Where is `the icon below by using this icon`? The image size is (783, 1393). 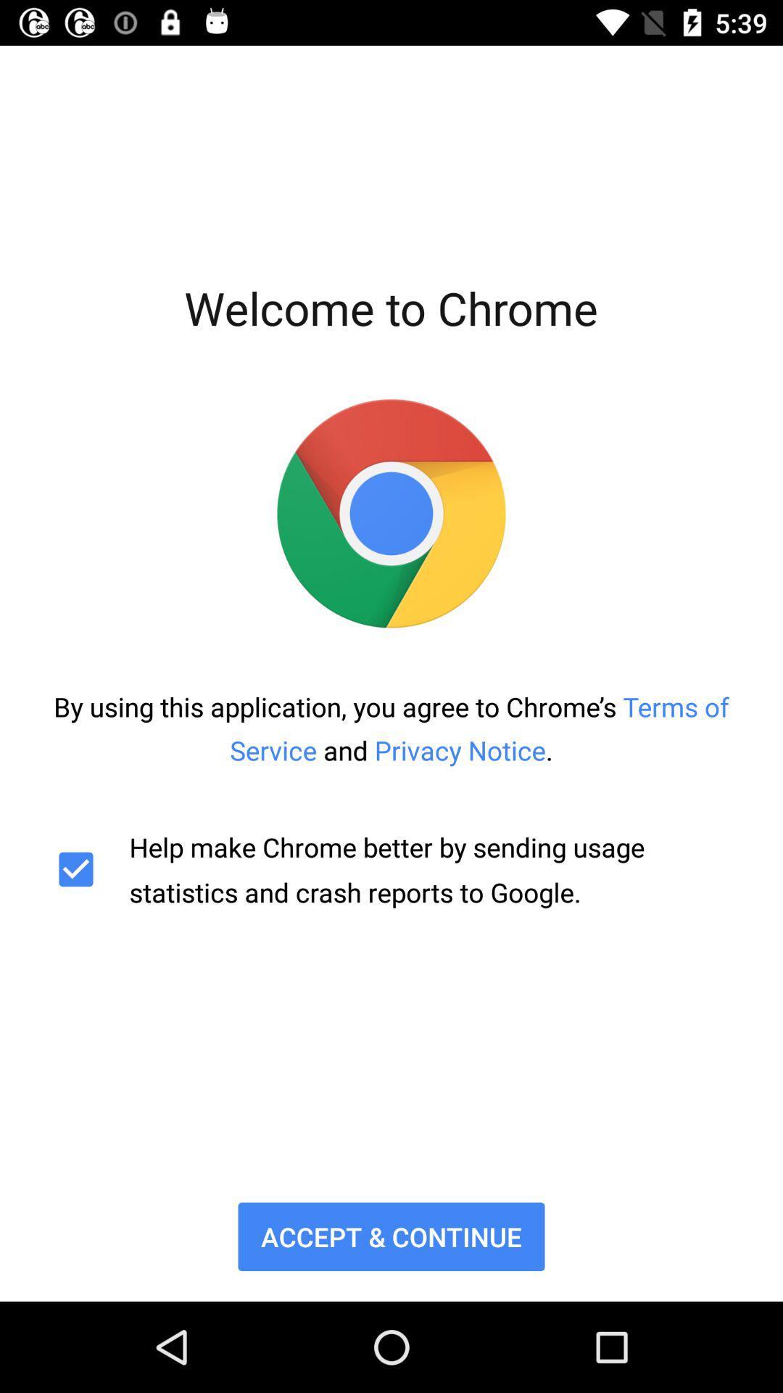
the icon below by using this icon is located at coordinates (391, 869).